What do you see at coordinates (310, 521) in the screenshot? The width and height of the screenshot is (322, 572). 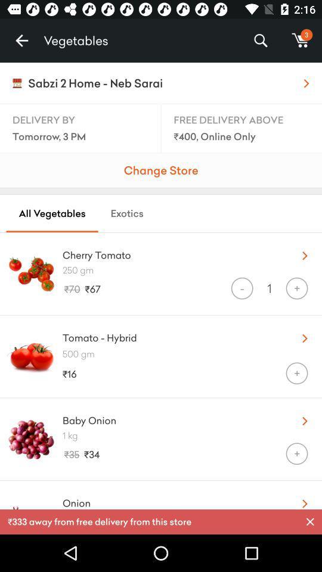 I see `the item next to the 333 away from` at bounding box center [310, 521].